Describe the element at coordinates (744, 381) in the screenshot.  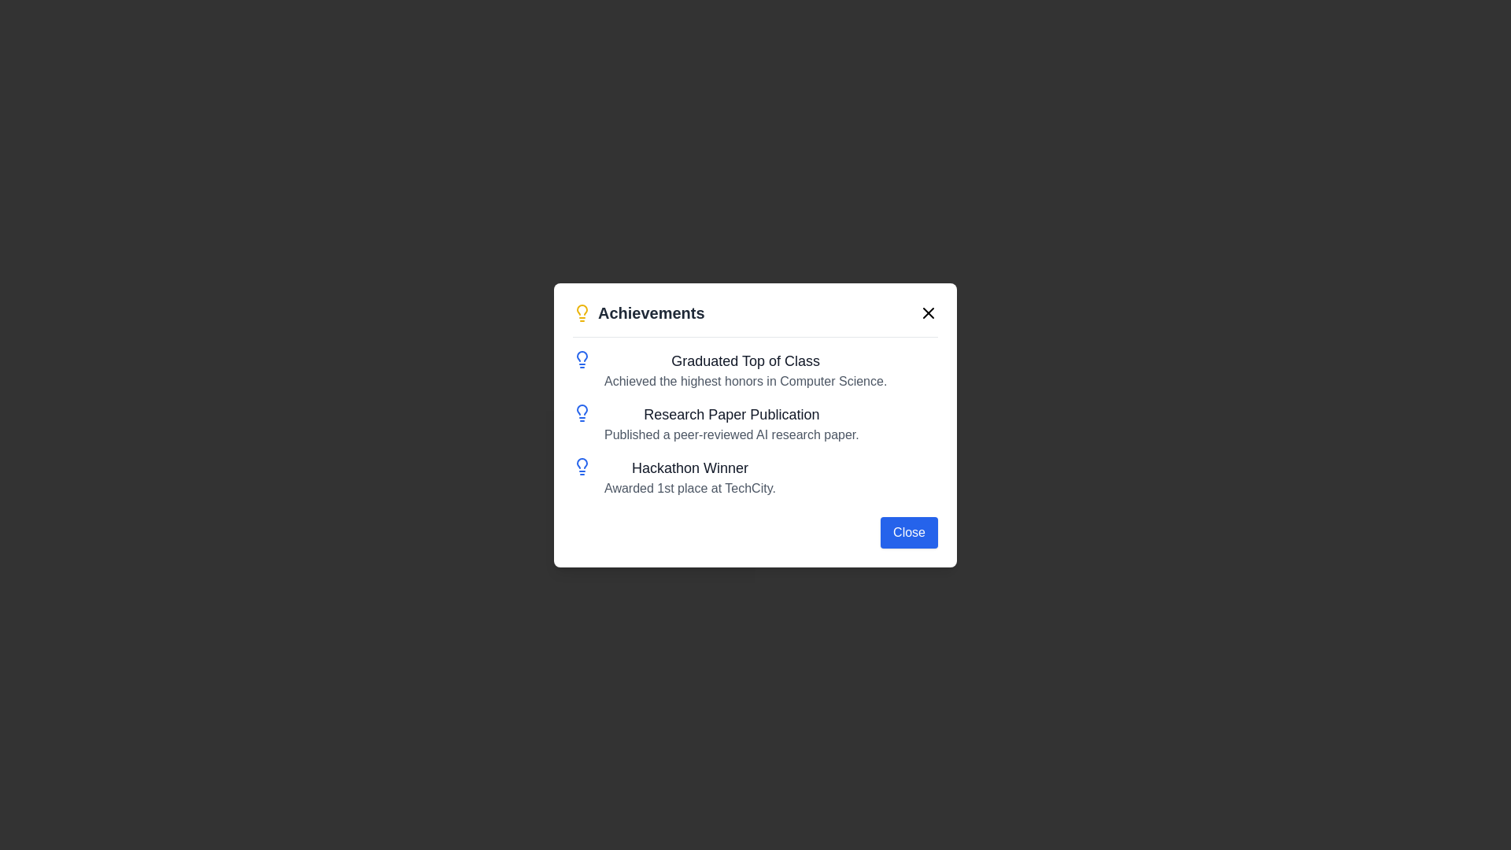
I see `the static text element that reads 'Achieved the highest honors in Computer Science.' which is styled in gray and is located below the header 'Graduated Top of Class.'` at that location.